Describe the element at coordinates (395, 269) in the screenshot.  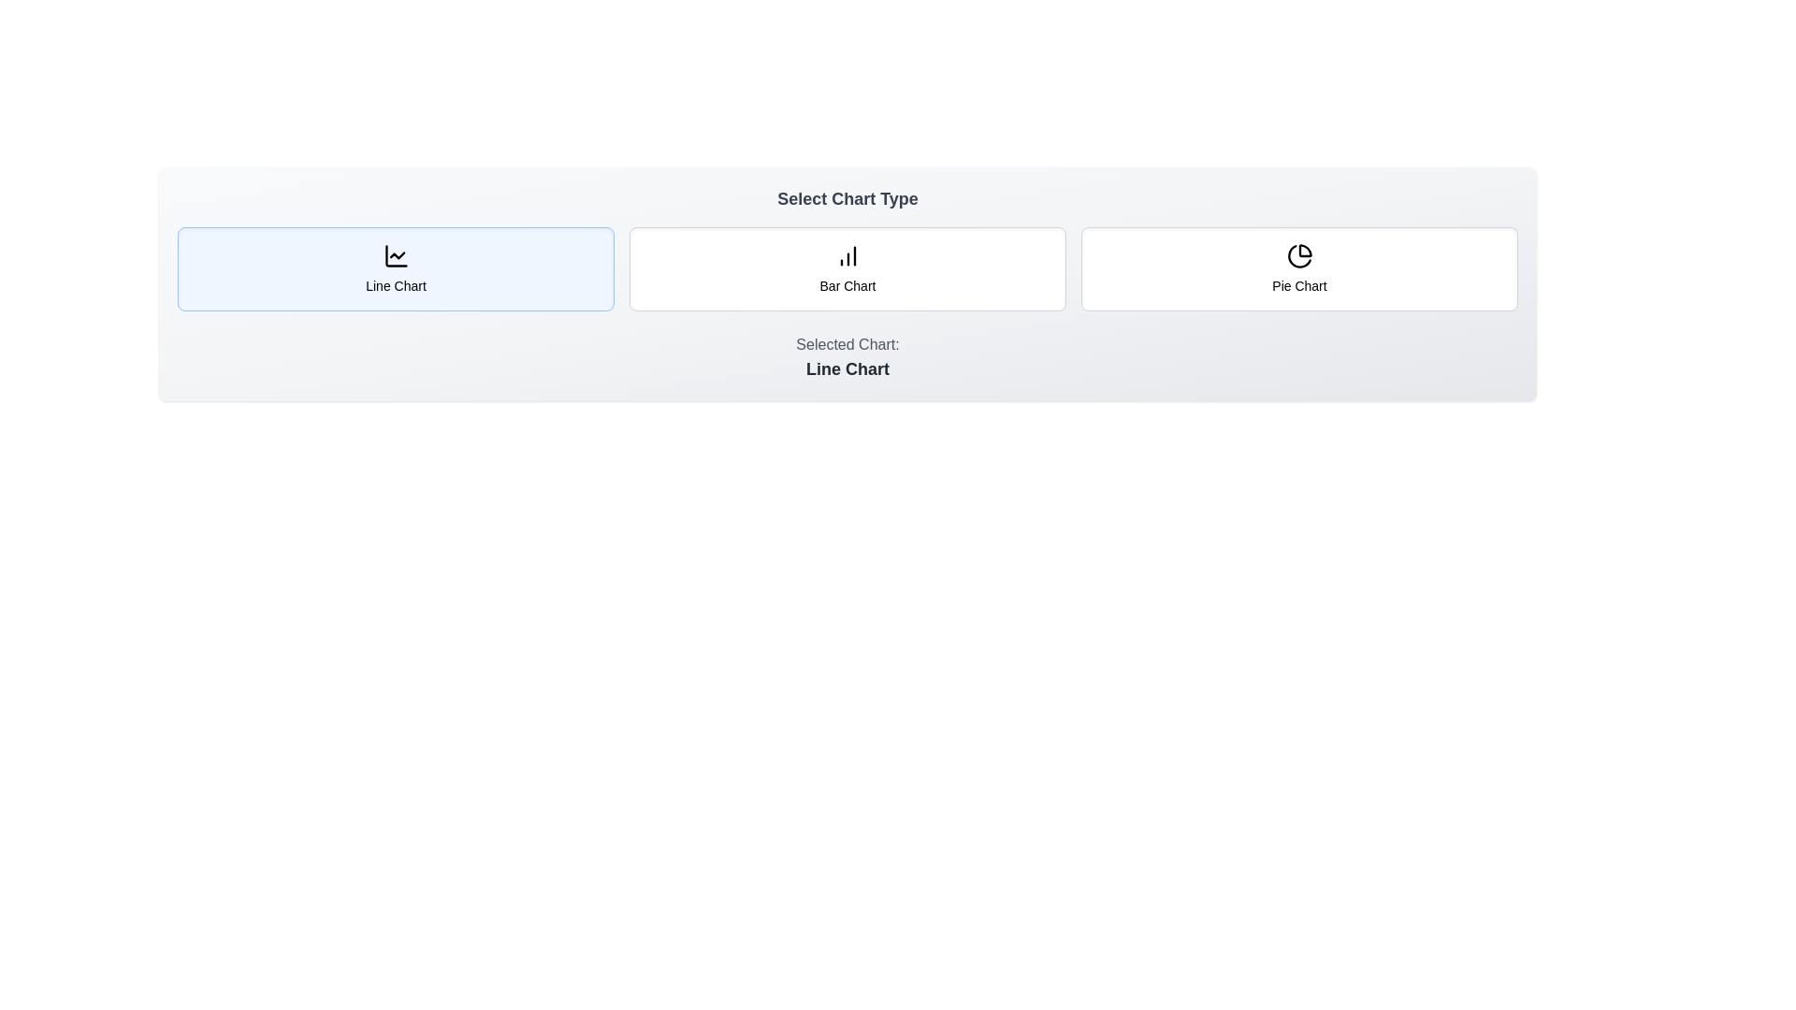
I see `the chart type button corresponding to Line Chart` at that location.